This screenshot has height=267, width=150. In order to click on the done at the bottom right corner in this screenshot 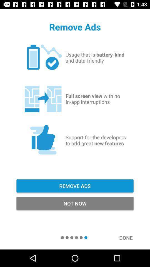, I will do `click(129, 237)`.